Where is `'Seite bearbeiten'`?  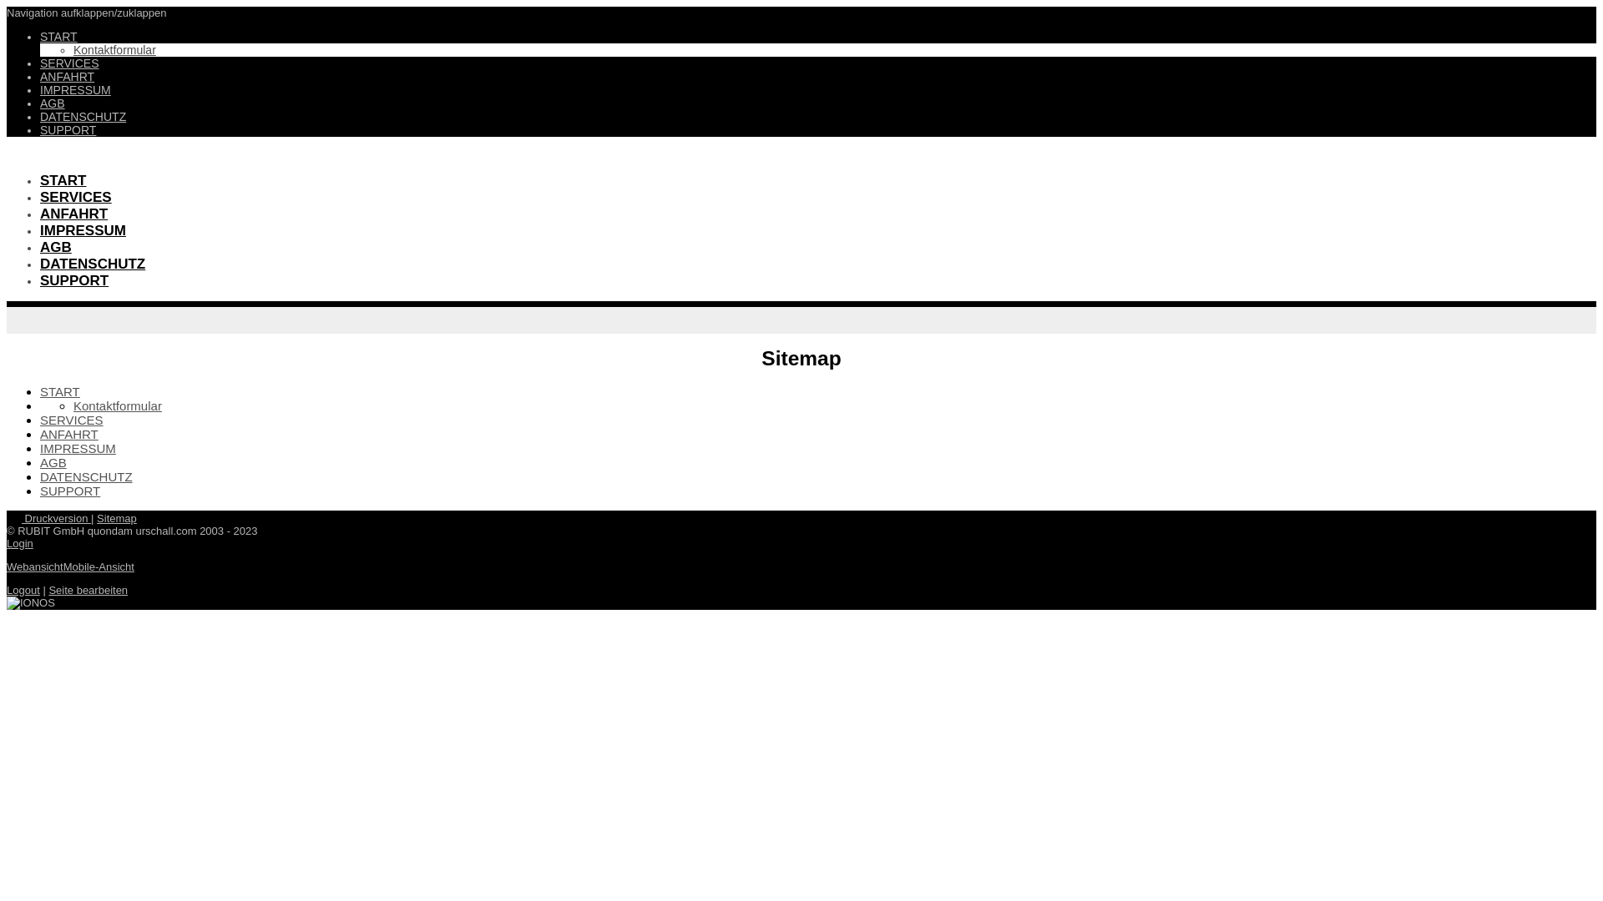
'Seite bearbeiten' is located at coordinates (87, 589).